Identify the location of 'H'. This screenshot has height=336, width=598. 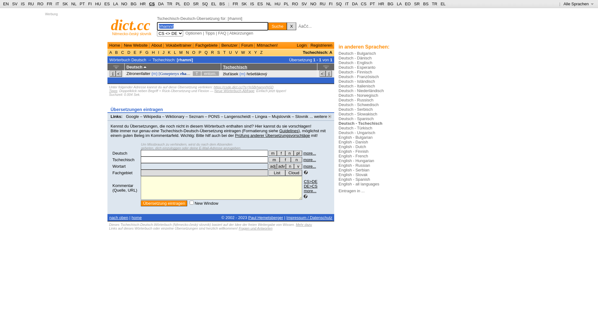
(151, 52).